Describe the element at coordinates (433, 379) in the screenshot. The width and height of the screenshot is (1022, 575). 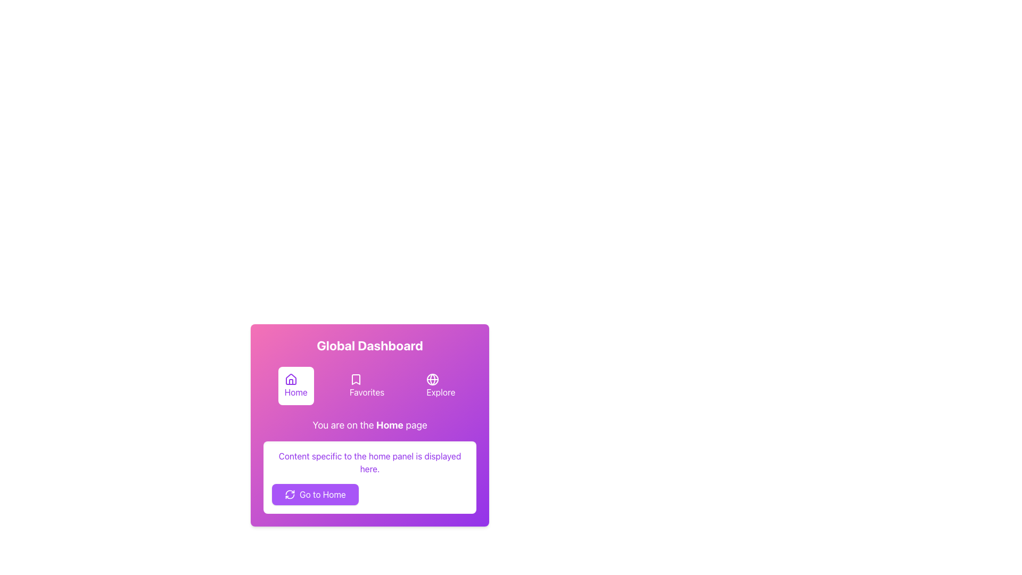
I see `the globe icon SVG within the 'Explore' button to trigger the tooltip or highlight effect` at that location.